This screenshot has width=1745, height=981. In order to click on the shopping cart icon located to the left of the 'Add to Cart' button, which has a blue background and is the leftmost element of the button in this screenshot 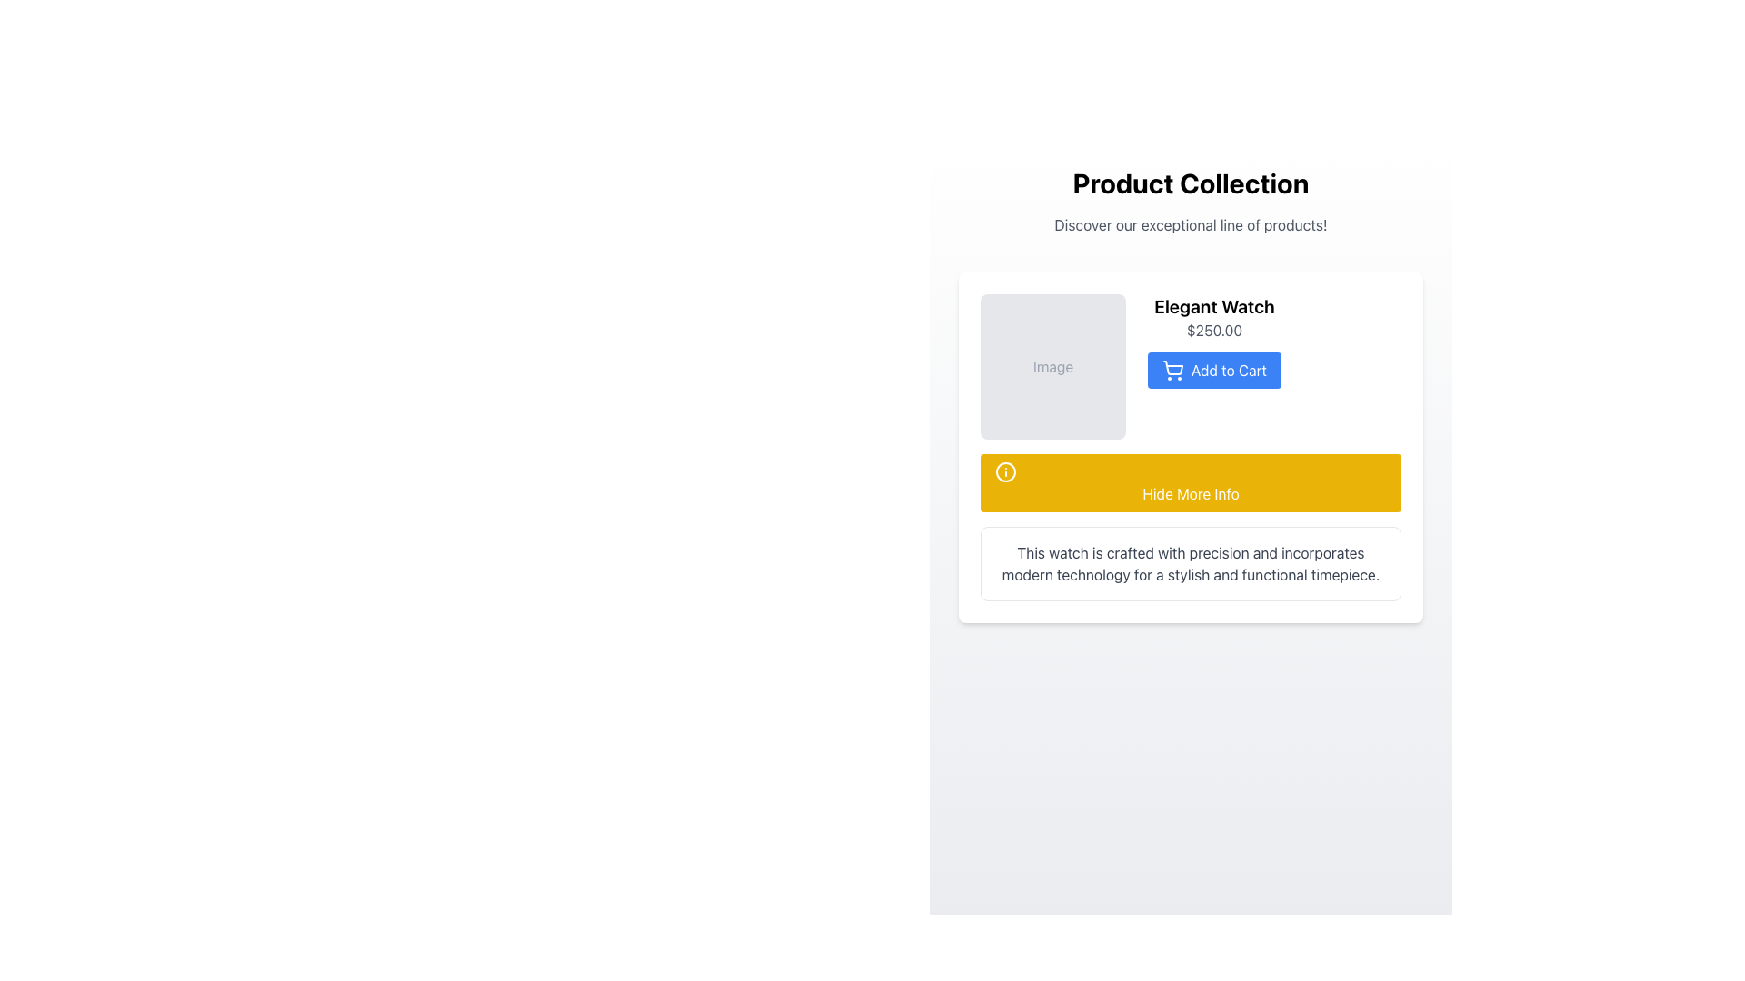, I will do `click(1173, 370)`.